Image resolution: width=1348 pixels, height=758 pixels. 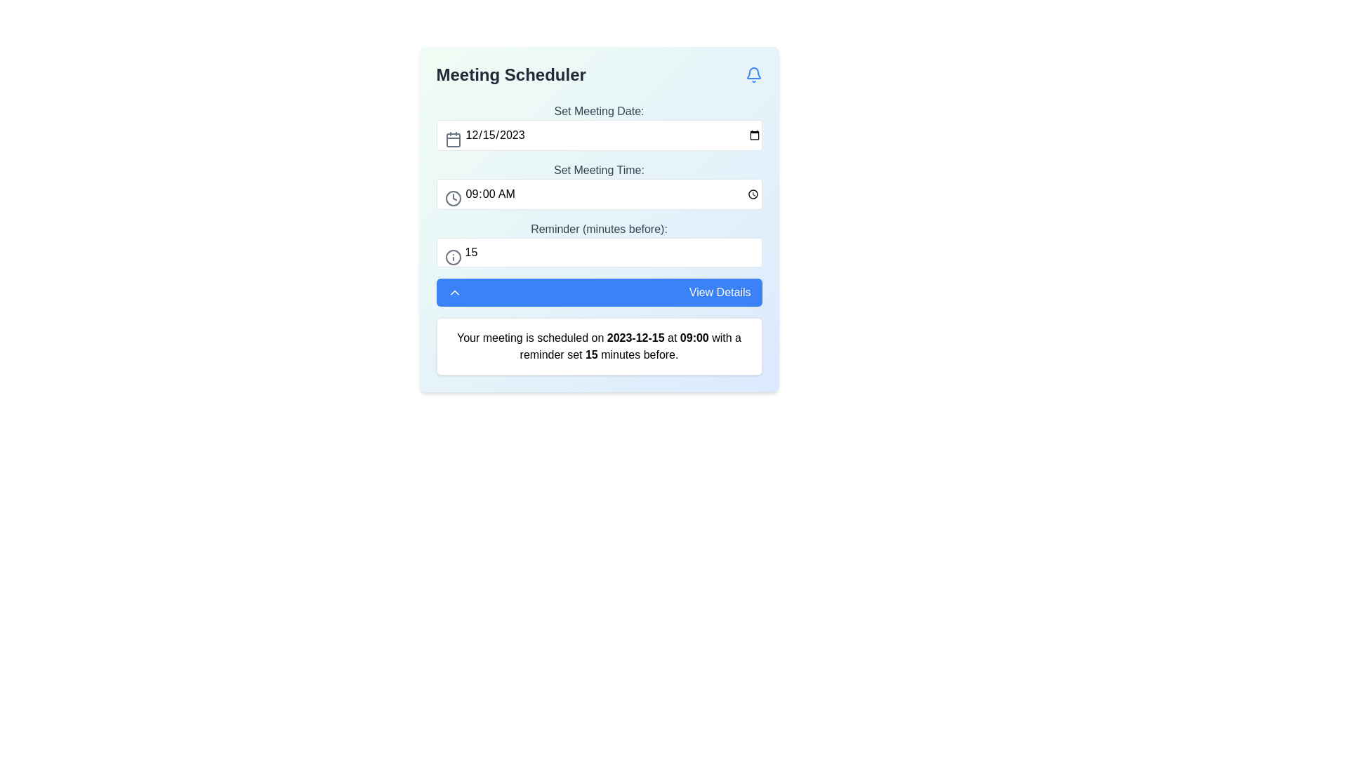 I want to click on the summary notification text label that informs about the scheduled meeting's date, time, and reminder period, so click(x=599, y=346).